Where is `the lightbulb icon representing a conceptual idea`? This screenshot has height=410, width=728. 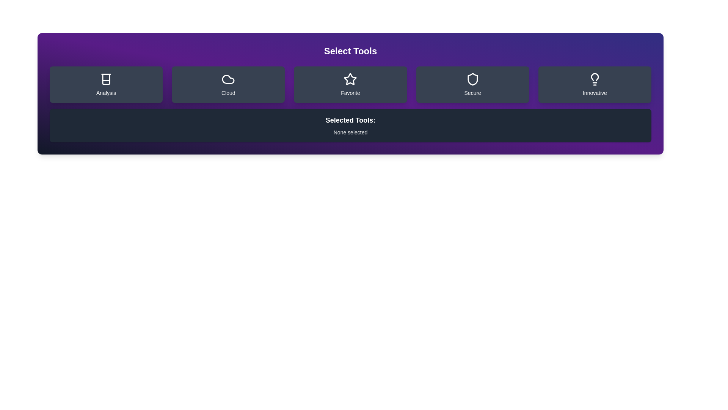 the lightbulb icon representing a conceptual idea is located at coordinates (594, 79).